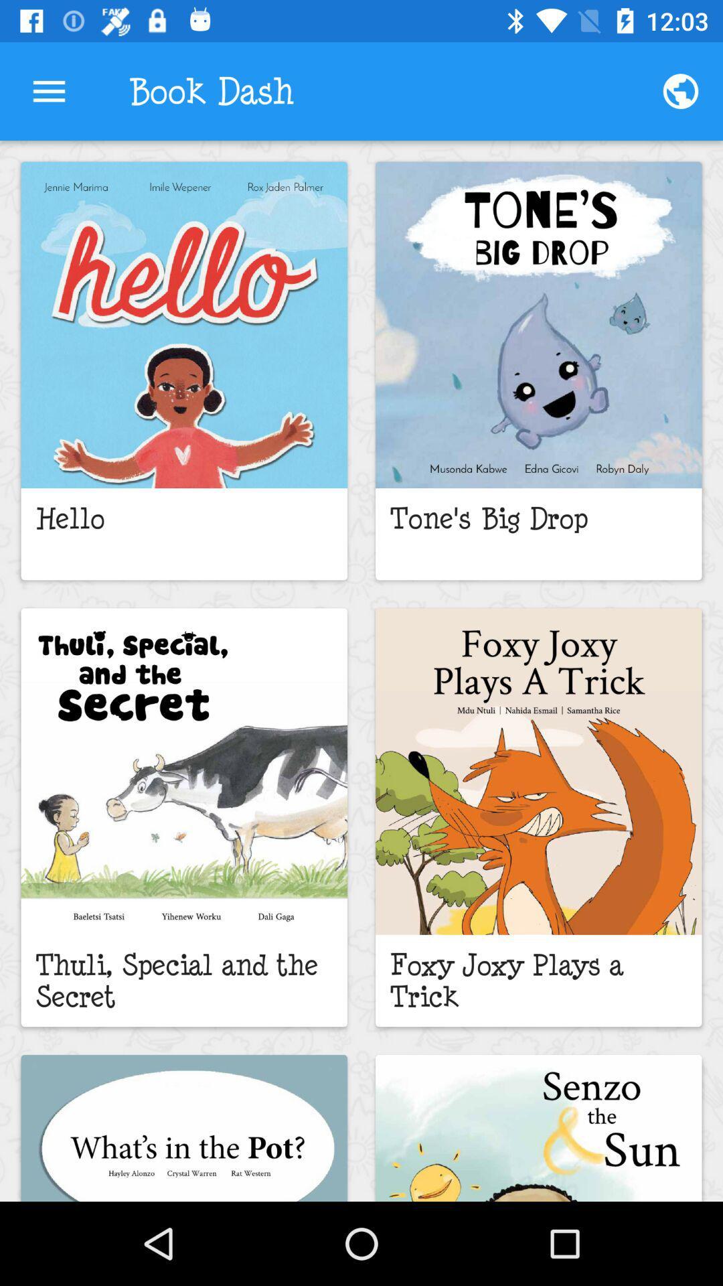  I want to click on the icon next to book dash, so click(48, 90).